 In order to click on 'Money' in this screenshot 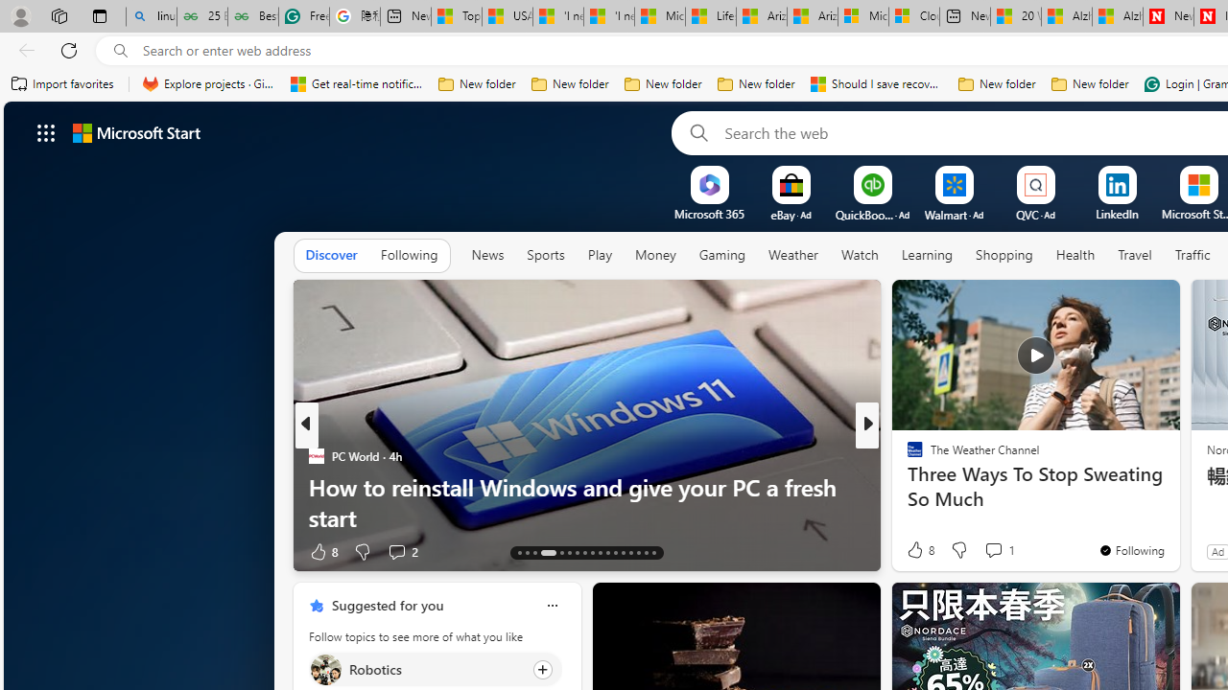, I will do `click(654, 255)`.